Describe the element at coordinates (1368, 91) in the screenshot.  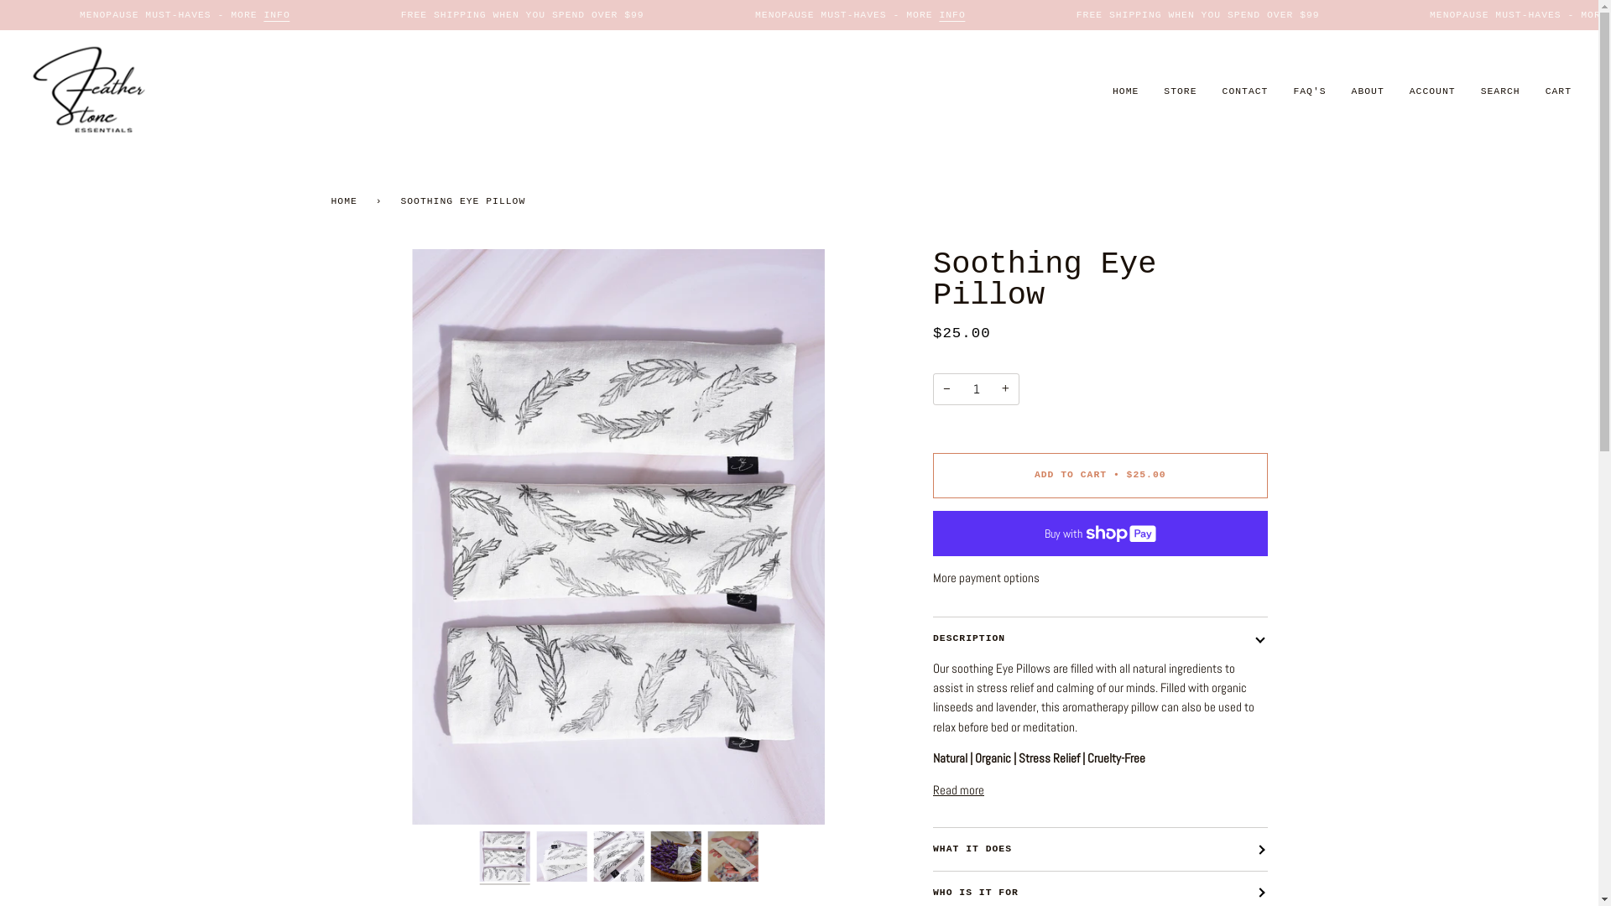
I see `'ABOUT'` at that location.